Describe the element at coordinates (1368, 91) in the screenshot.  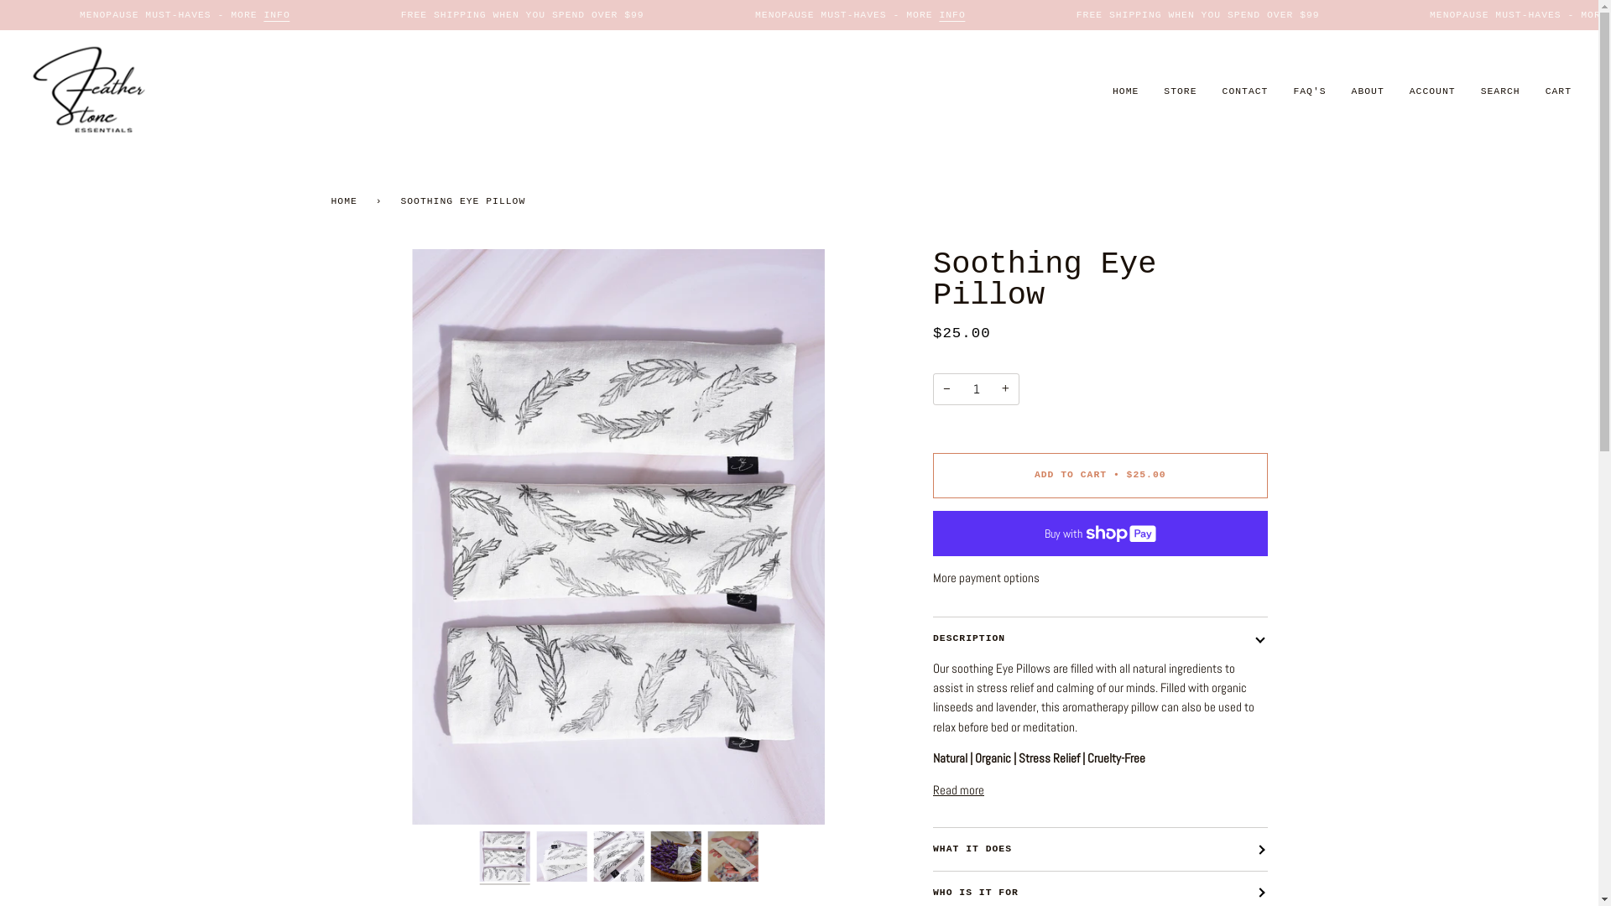
I see `'ABOUT'` at that location.